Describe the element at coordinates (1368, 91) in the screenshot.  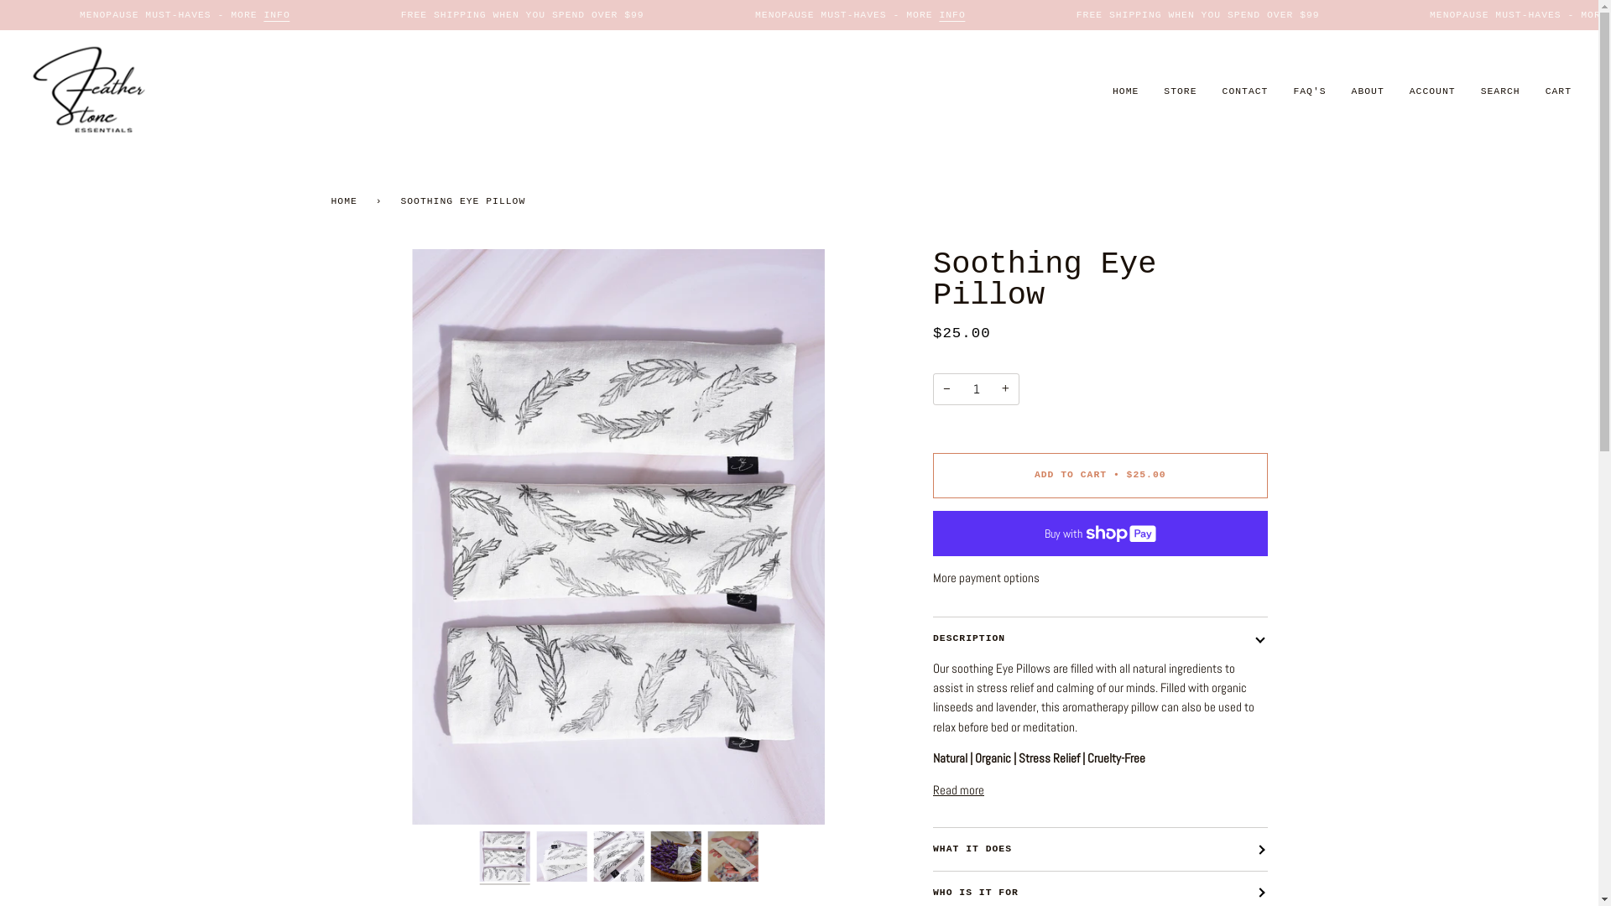
I see `'ABOUT'` at that location.